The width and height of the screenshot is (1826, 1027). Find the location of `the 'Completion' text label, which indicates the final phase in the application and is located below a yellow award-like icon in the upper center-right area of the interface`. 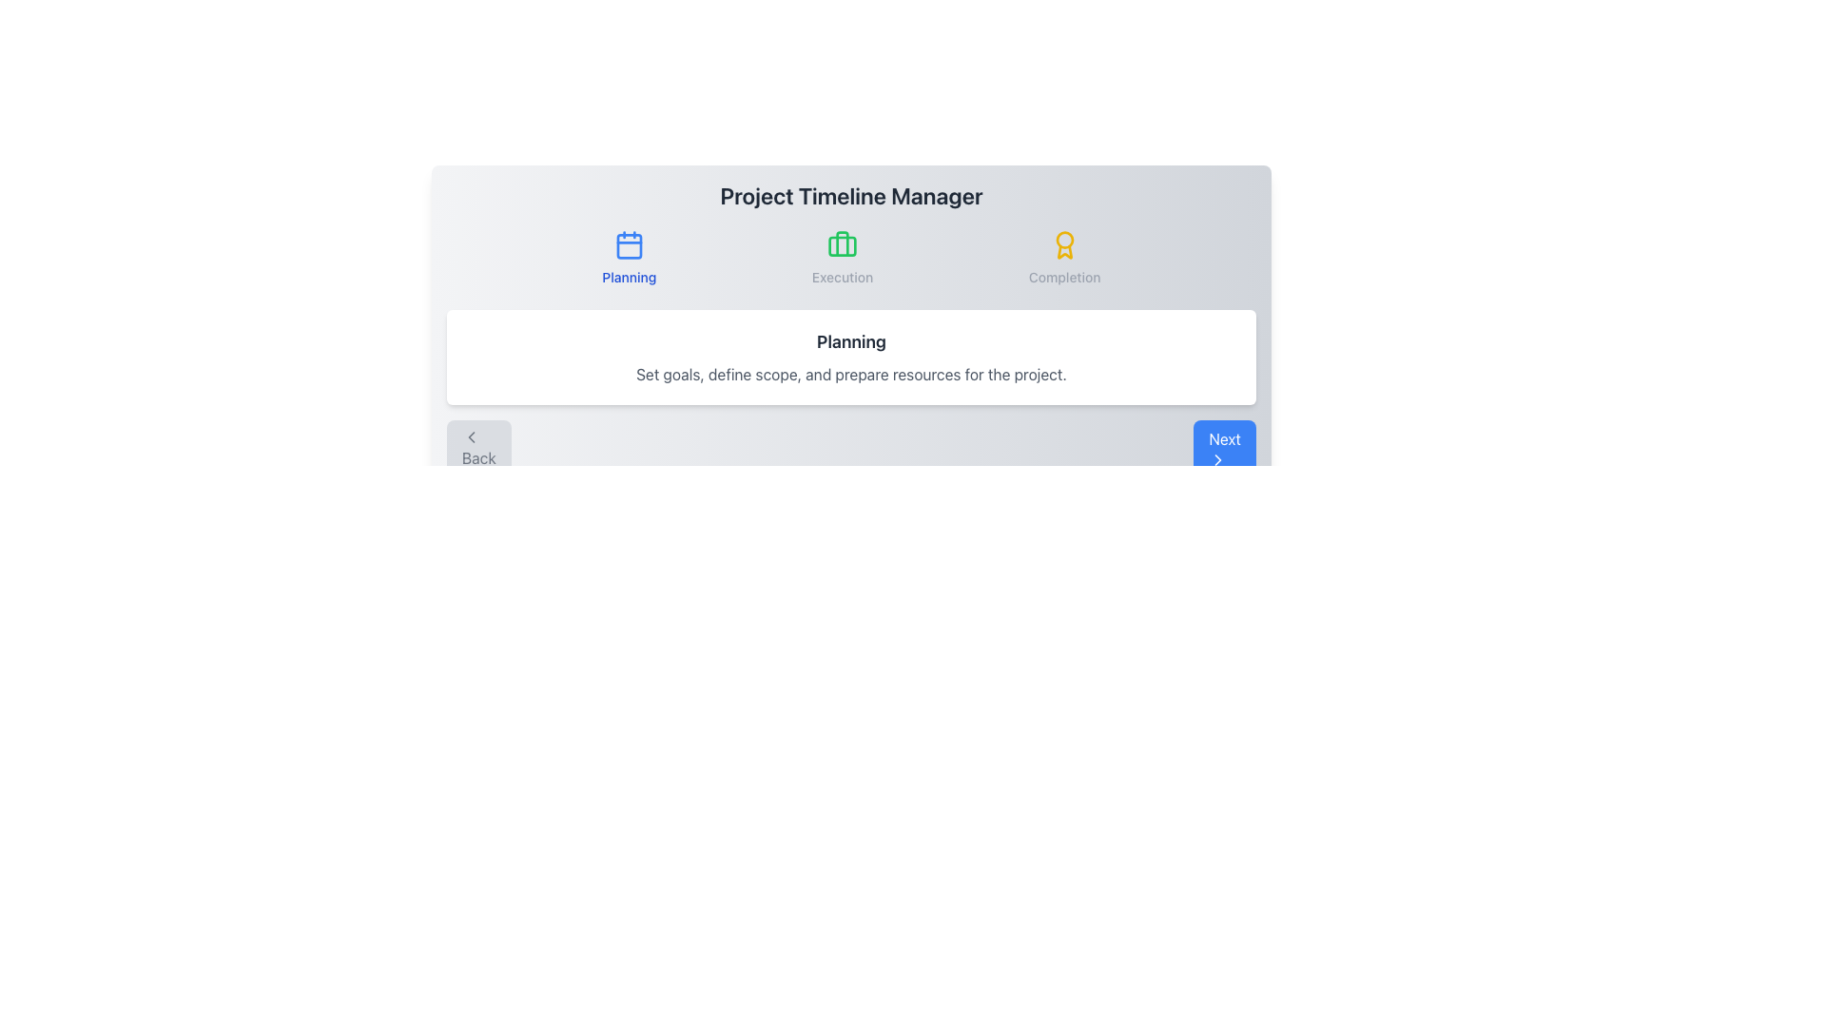

the 'Completion' text label, which indicates the final phase in the application and is located below a yellow award-like icon in the upper center-right area of the interface is located at coordinates (1063, 278).